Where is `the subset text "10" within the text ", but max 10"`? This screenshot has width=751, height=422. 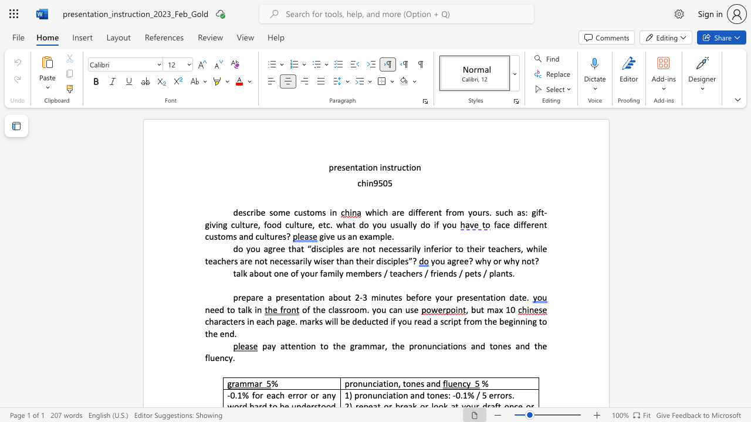 the subset text "10" within the text ", but max 10" is located at coordinates (506, 309).